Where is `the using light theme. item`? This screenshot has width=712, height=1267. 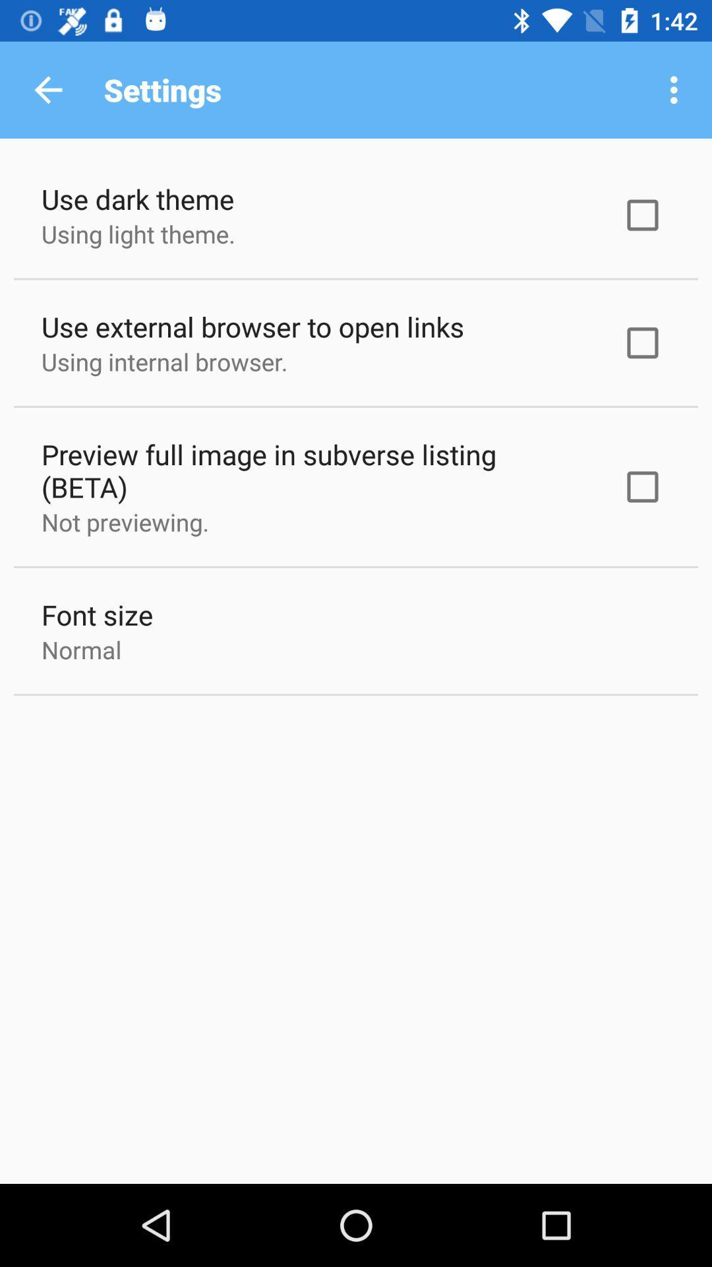
the using light theme. item is located at coordinates (138, 234).